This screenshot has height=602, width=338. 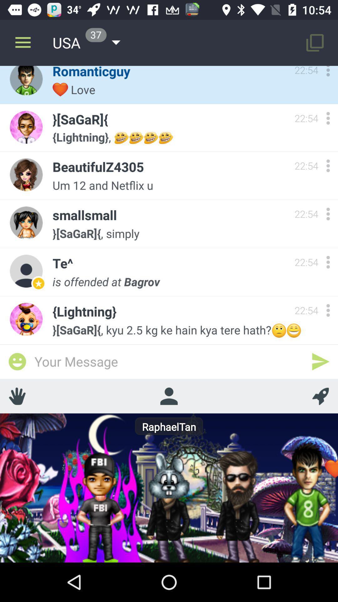 What do you see at coordinates (328, 118) in the screenshot?
I see `the more icon` at bounding box center [328, 118].